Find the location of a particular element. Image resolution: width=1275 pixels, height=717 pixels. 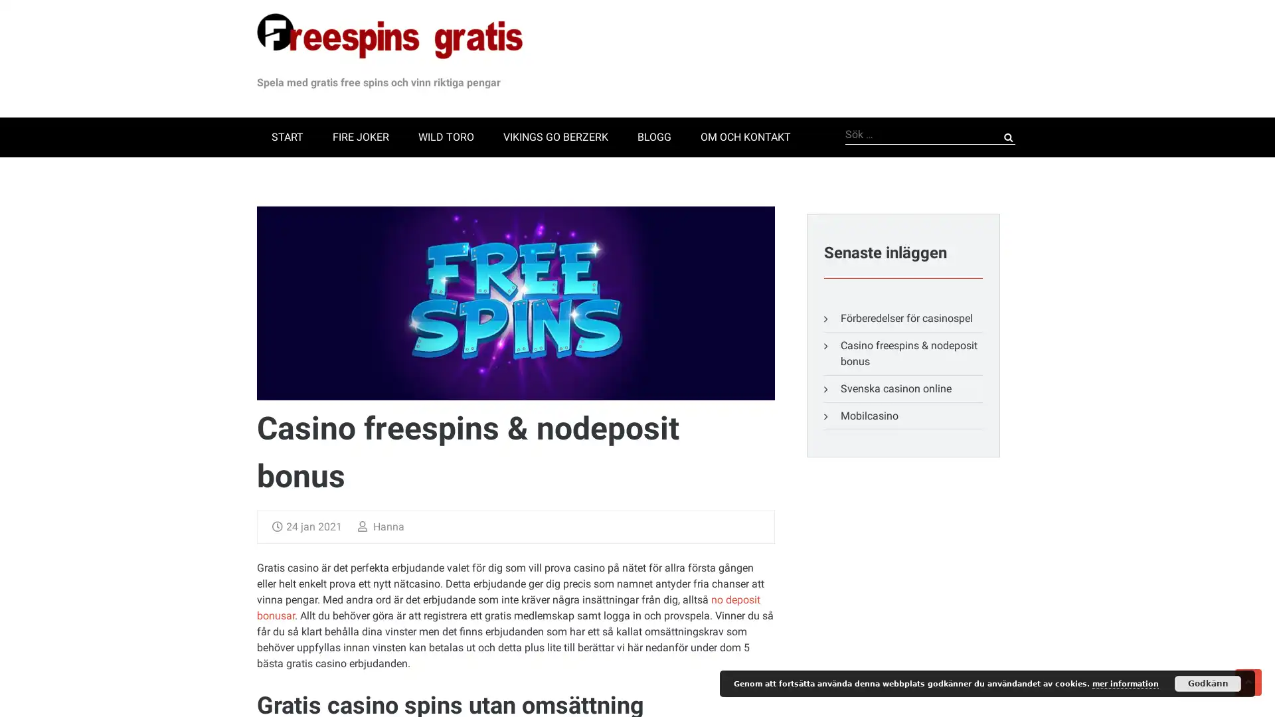

Godkann is located at coordinates (1208, 683).